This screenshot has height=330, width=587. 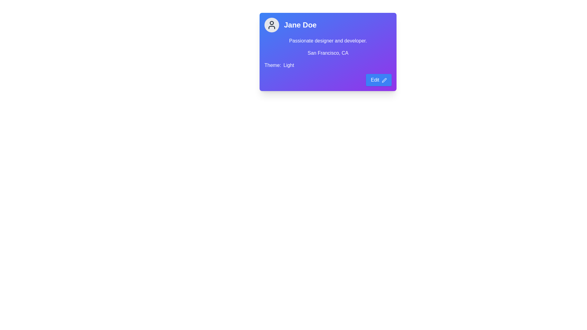 I want to click on text label displaying the word 'Light', which is positioned immediately to the right of the label 'Theme:' in a gradient card layout, so click(x=288, y=65).